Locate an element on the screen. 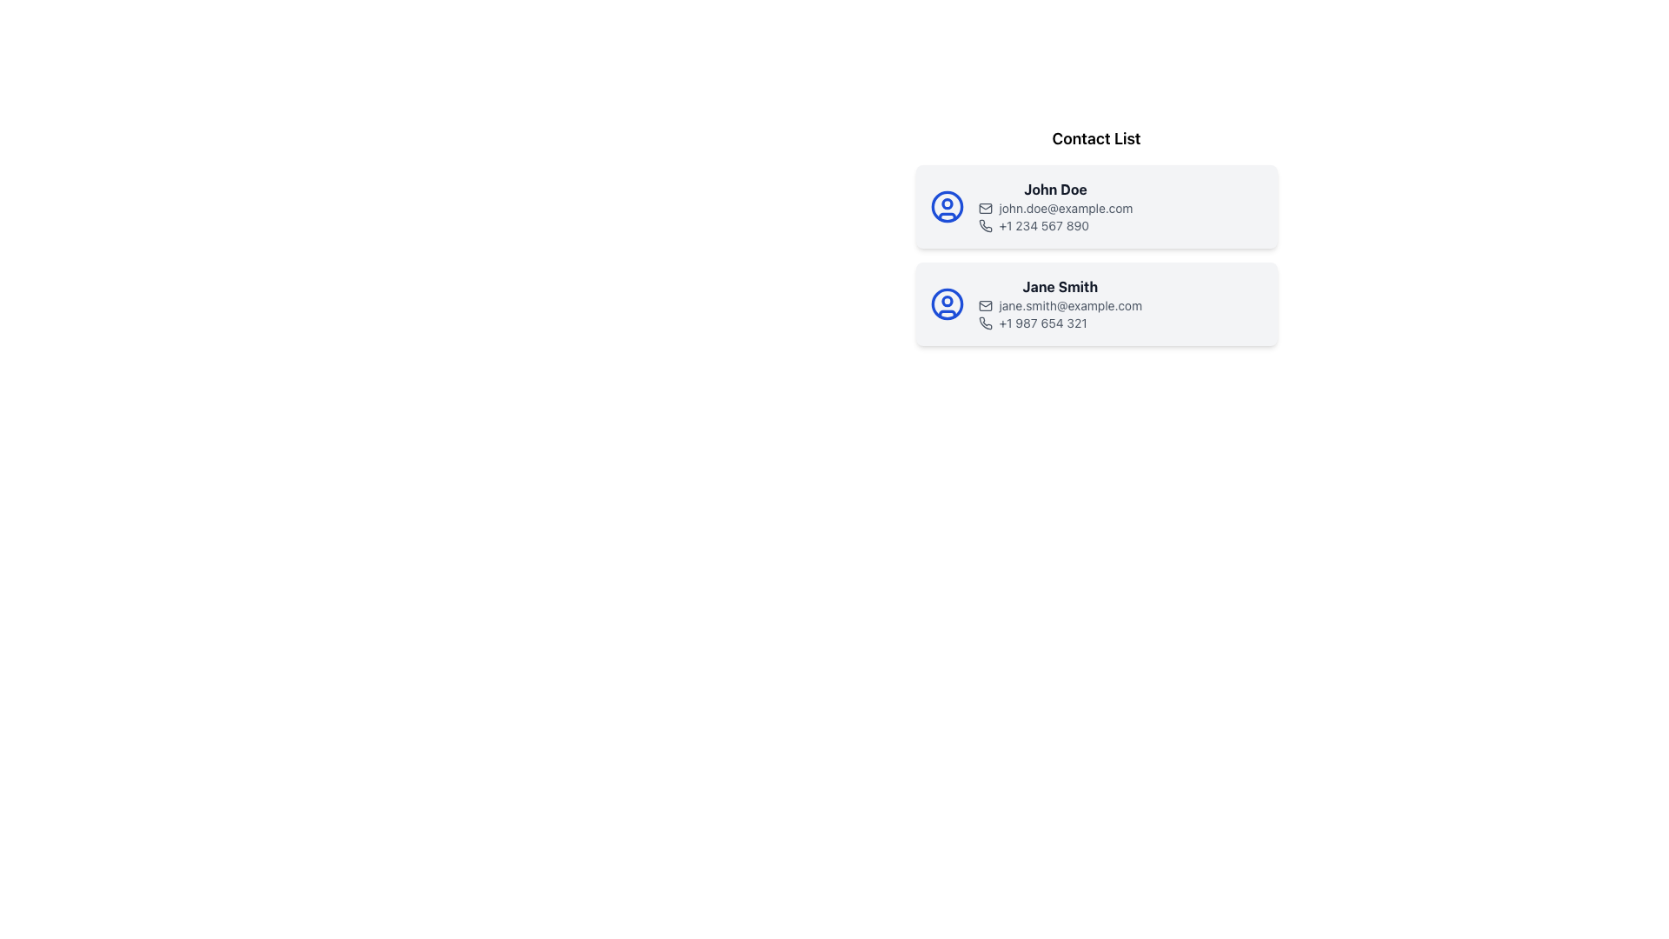 The image size is (1669, 939). the phone icon representing the call function, which is the leftmost item in the second row of the contact list, adjacent to the phone number '+1 987 654 321' is located at coordinates (985, 323).